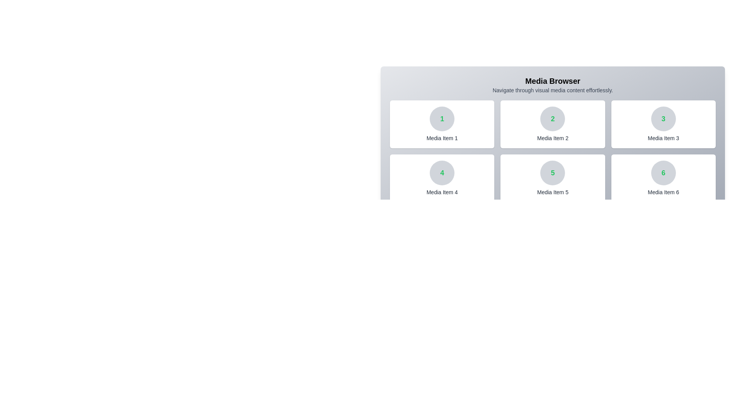 The width and height of the screenshot is (742, 417). Describe the element at coordinates (663, 172) in the screenshot. I see `the number '6' in the bottom-right corner of the 2x3 grid layout within the 'Media Browser' section, which is displayed on a circular gray background` at that location.